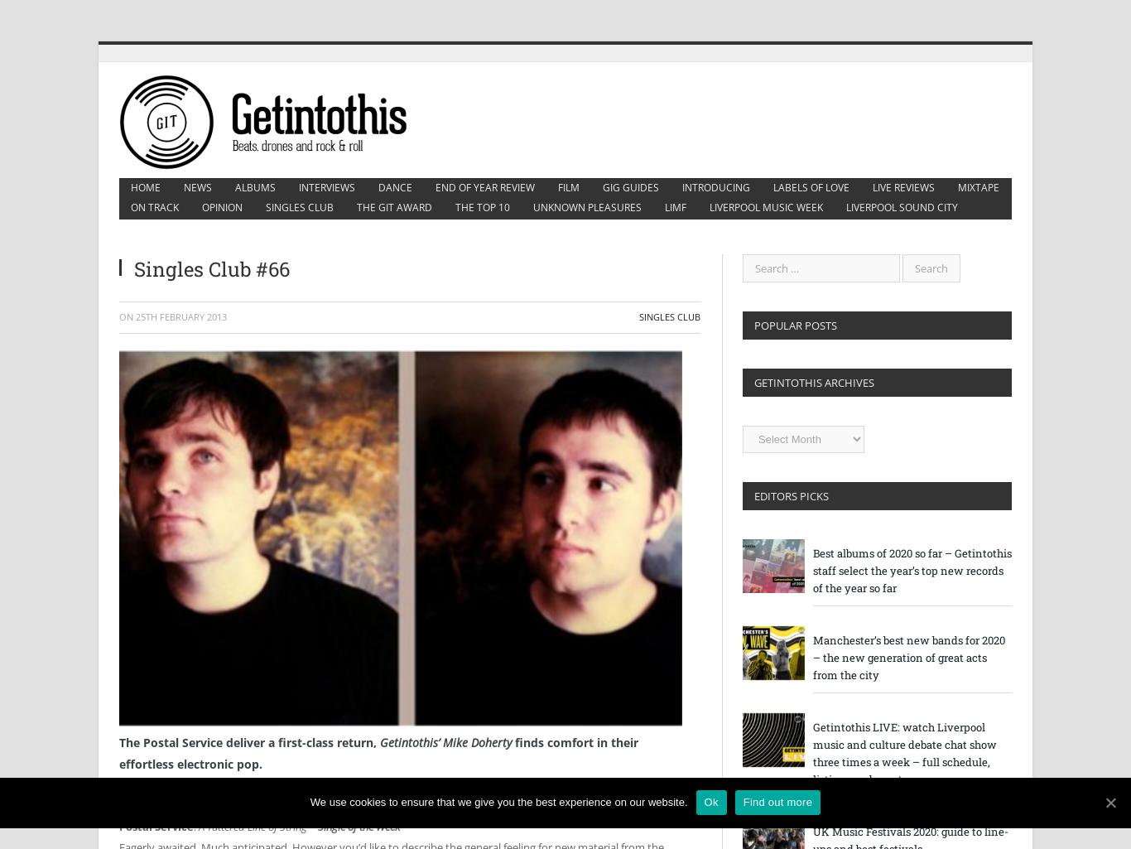 Image resolution: width=1131 pixels, height=849 pixels. Describe the element at coordinates (126, 316) in the screenshot. I see `'on'` at that location.